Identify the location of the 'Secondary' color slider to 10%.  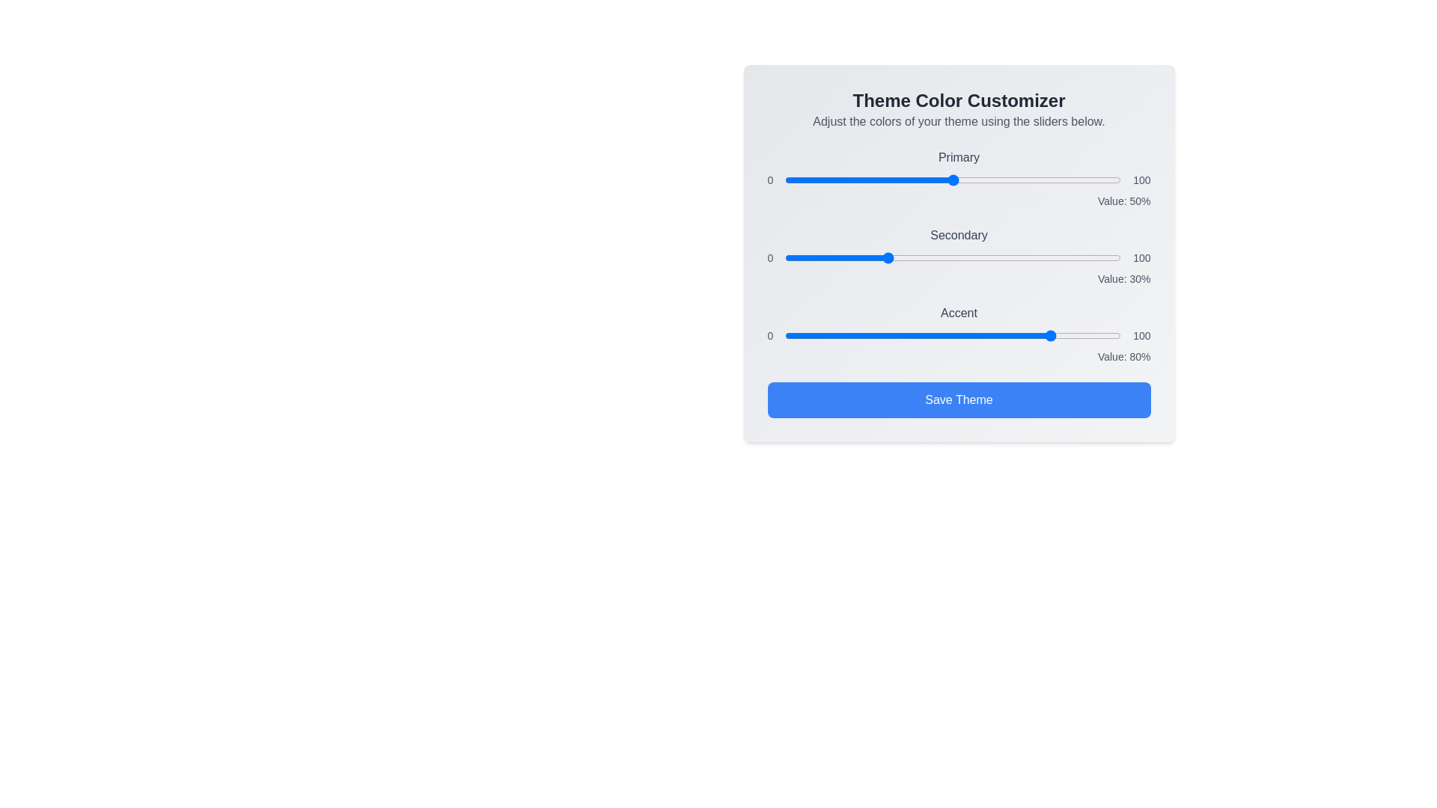
(818, 257).